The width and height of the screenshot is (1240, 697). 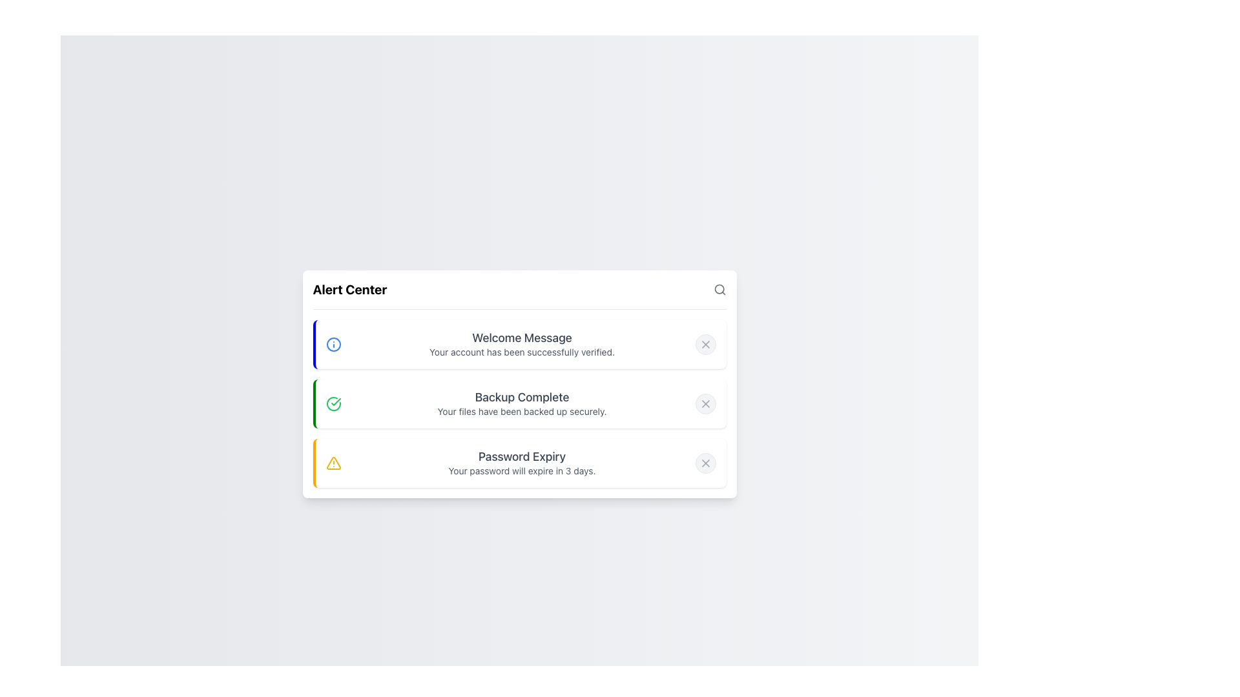 What do you see at coordinates (719, 288) in the screenshot?
I see `the Search Icon located at the top right corner of the Alert Center panel, adjacent to the title text 'Alert Center'` at bounding box center [719, 288].